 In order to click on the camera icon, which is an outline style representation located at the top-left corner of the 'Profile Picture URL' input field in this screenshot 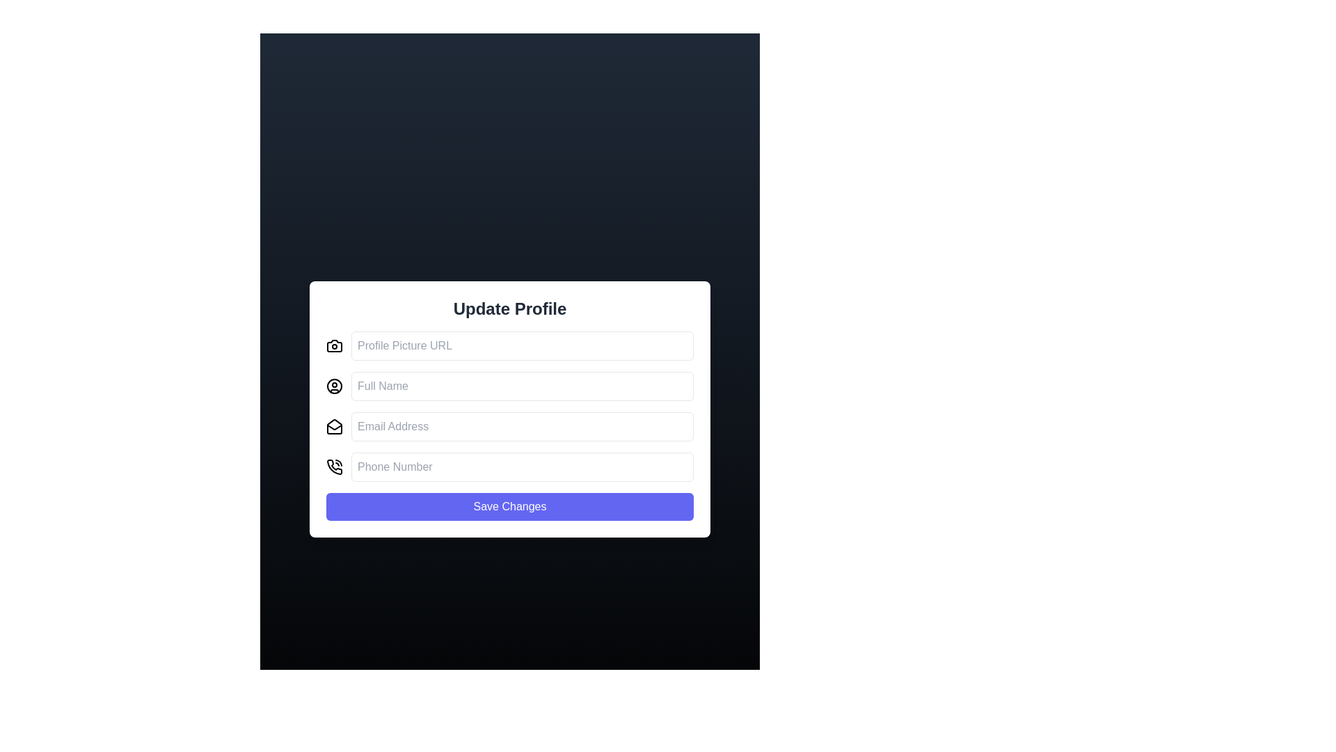, I will do `click(334, 345)`.